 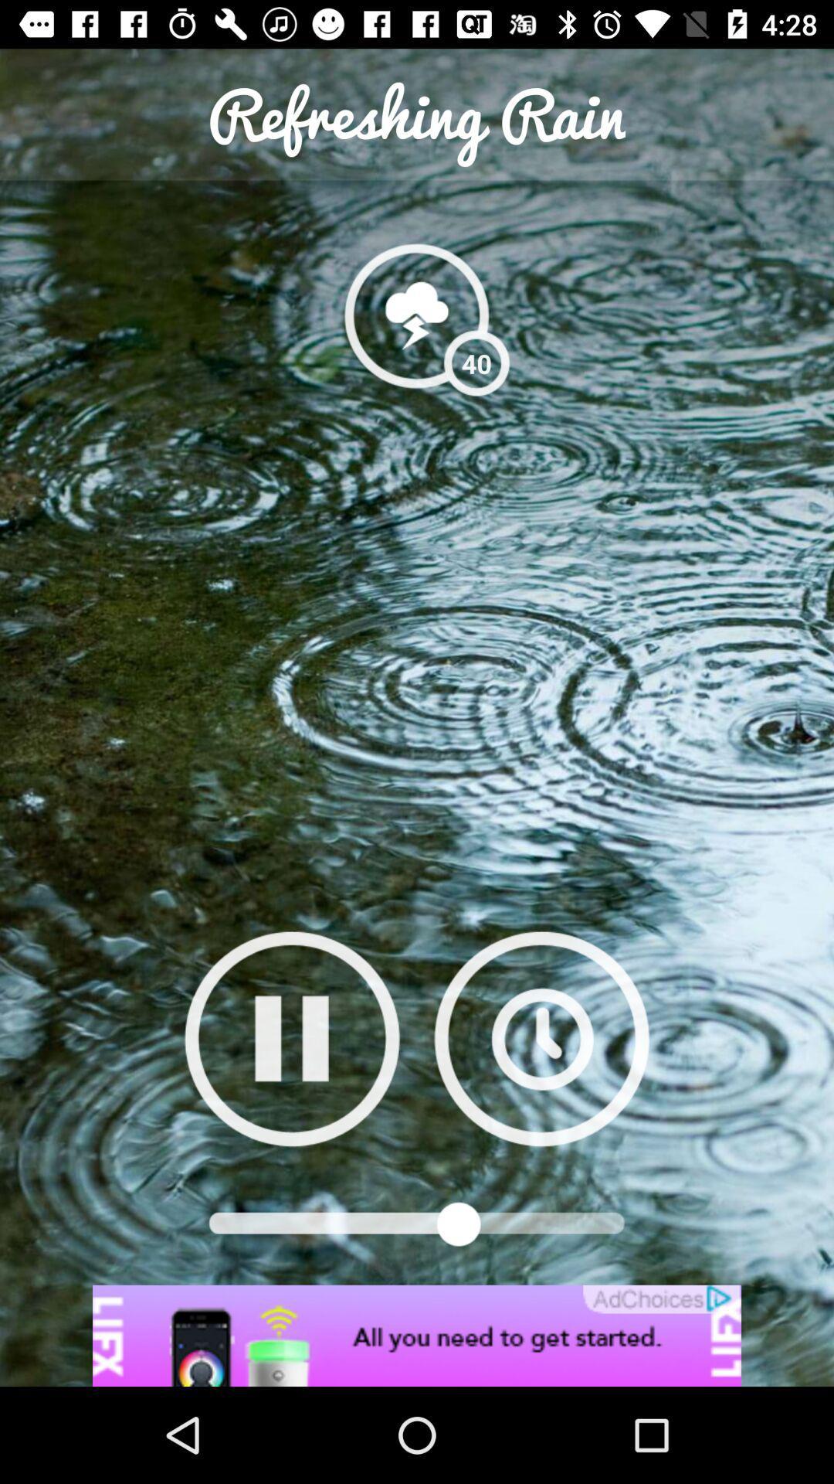 I want to click on to go youtube, so click(x=292, y=1038).